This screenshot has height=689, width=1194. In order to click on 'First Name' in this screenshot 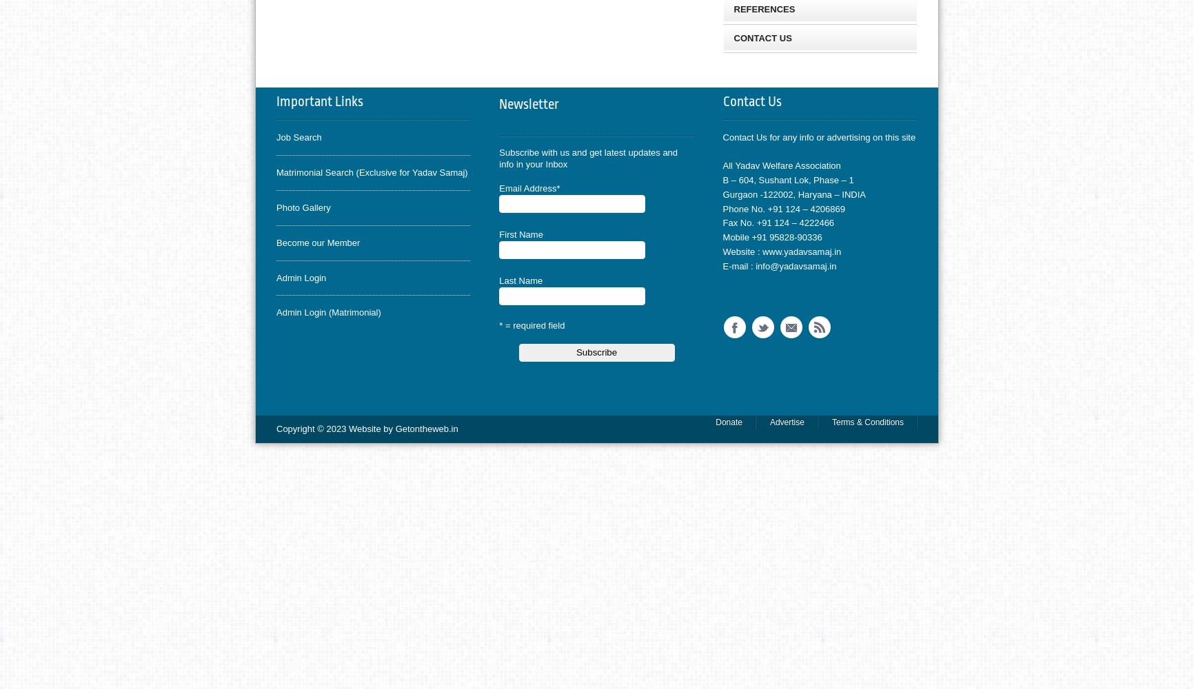, I will do `click(520, 233)`.